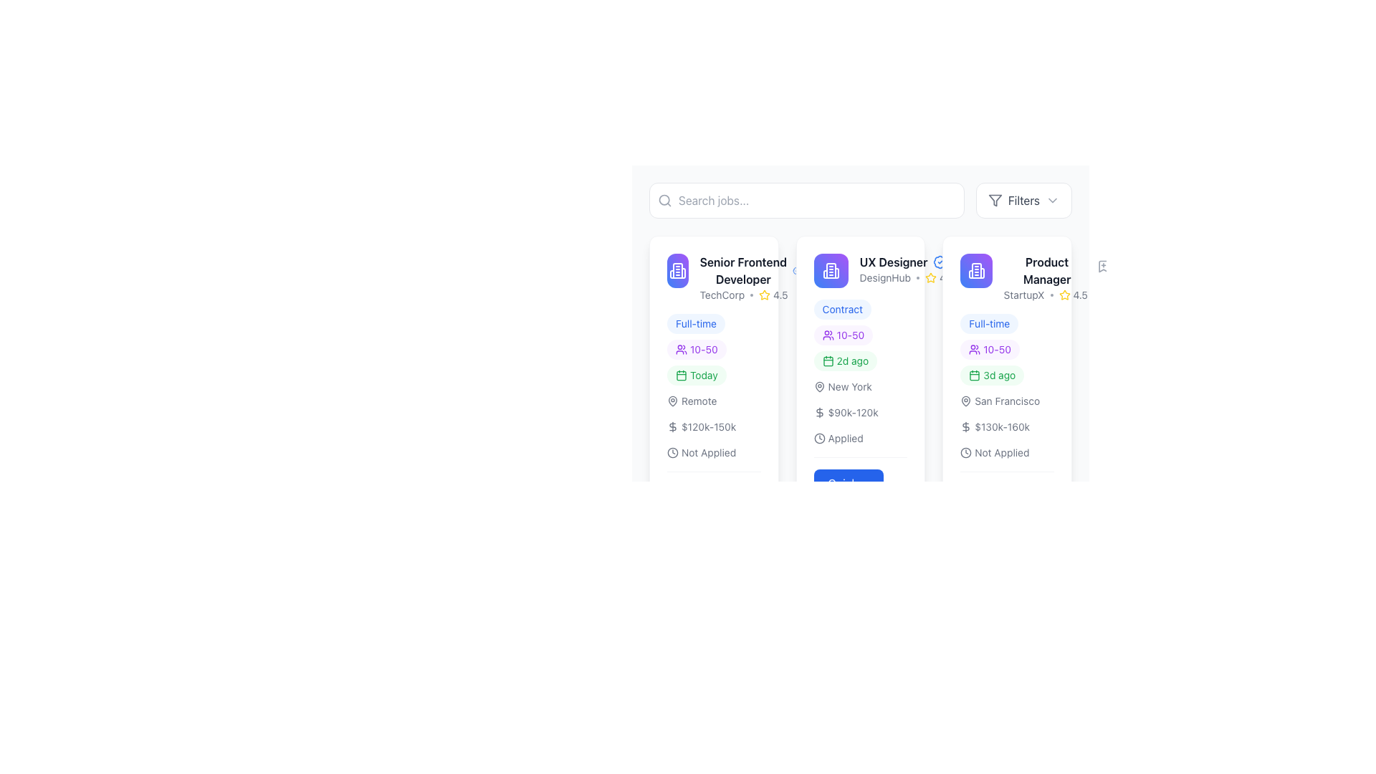  What do you see at coordinates (702, 426) in the screenshot?
I see `the static text displaying the salary range '$120k-150k', which is located below the 'Remote' text and above the 'Not Applied' text within the first job listing card` at bounding box center [702, 426].